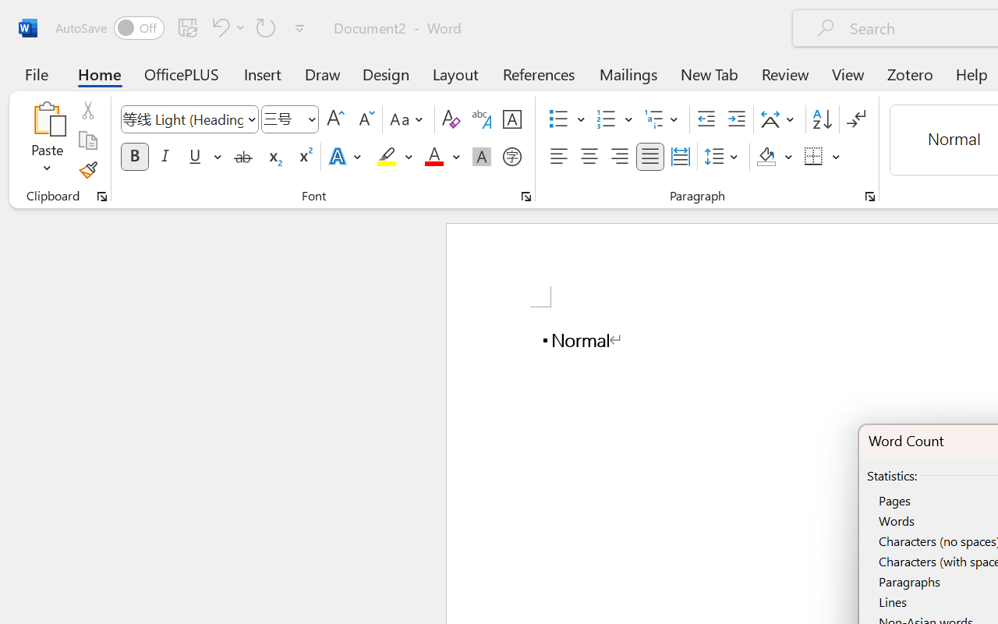  What do you see at coordinates (87, 140) in the screenshot?
I see `'Copy'` at bounding box center [87, 140].